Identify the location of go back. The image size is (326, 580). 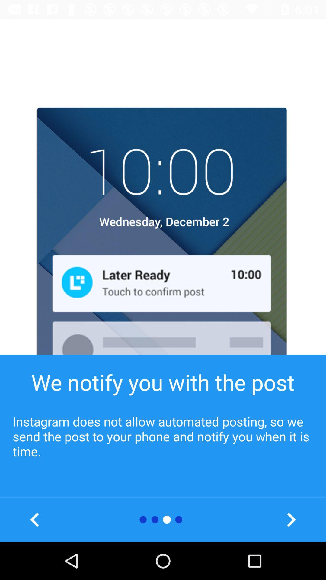
(35, 519).